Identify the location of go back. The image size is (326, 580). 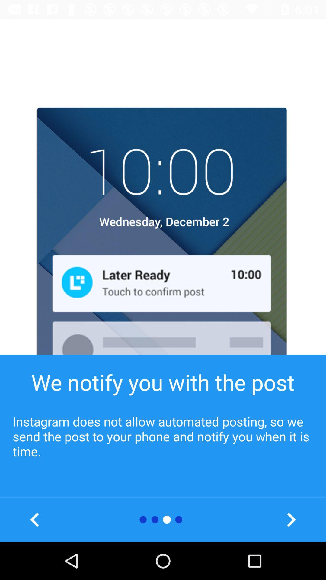
(35, 519).